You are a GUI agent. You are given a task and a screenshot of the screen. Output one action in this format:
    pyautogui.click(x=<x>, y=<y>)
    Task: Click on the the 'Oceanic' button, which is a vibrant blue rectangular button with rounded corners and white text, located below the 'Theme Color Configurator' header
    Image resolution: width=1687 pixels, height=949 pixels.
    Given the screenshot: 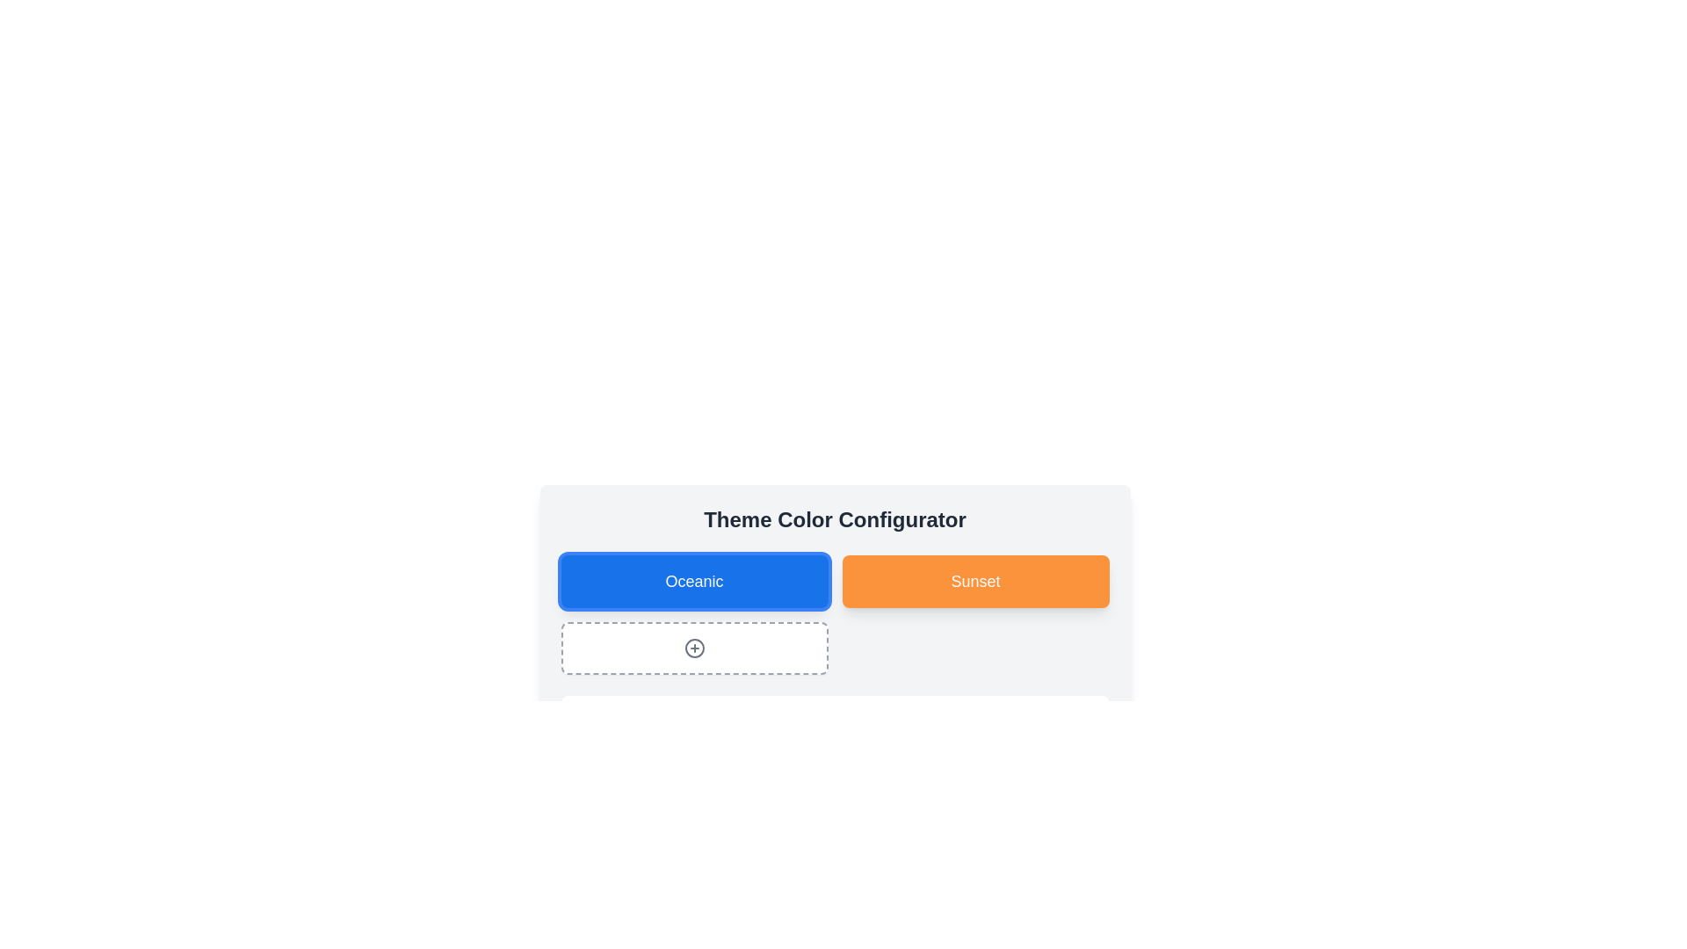 What is the action you would take?
    pyautogui.click(x=693, y=582)
    